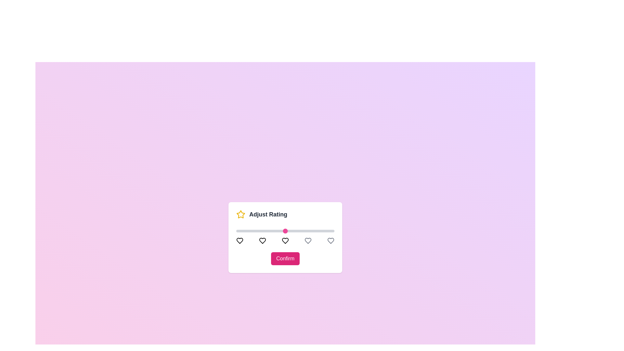 This screenshot has height=351, width=624. Describe the element at coordinates (285, 230) in the screenshot. I see `the slider to set the rating to 3` at that location.